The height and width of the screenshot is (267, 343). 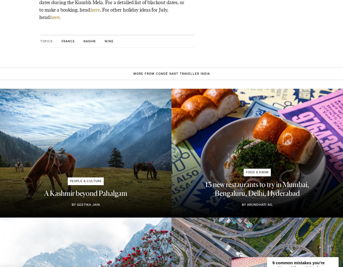 I want to click on 'More from Condé Nast Traveller India', so click(x=171, y=73).